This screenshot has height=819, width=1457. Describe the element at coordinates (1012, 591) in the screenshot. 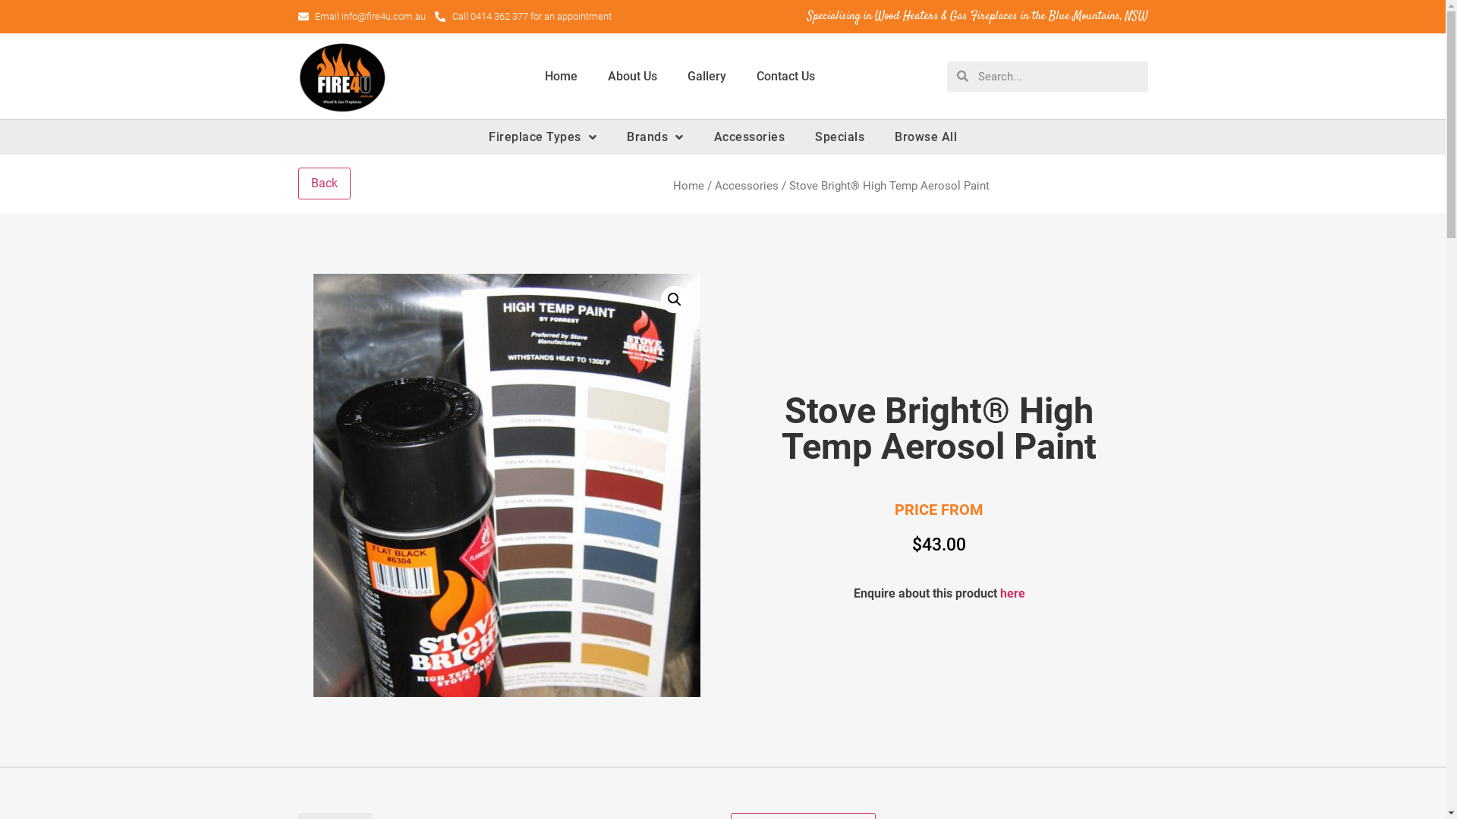

I see `'here'` at that location.